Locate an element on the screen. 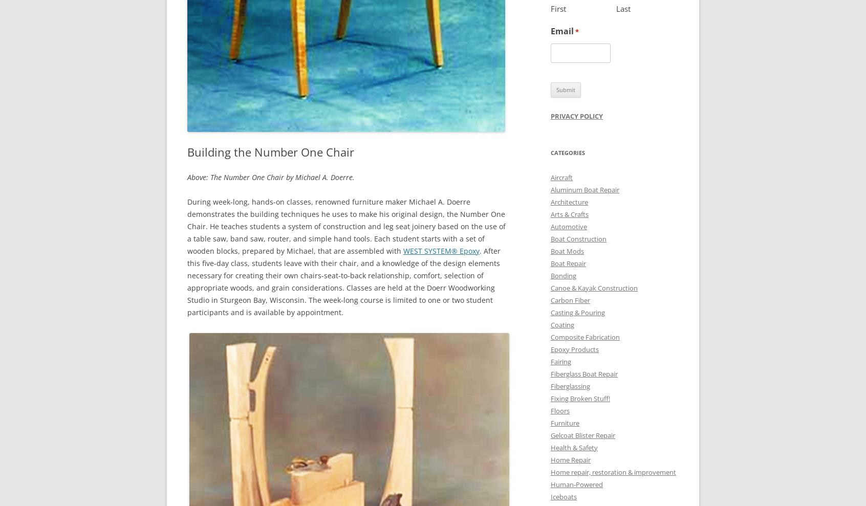 This screenshot has width=866, height=506. 'Architecture' is located at coordinates (569, 202).